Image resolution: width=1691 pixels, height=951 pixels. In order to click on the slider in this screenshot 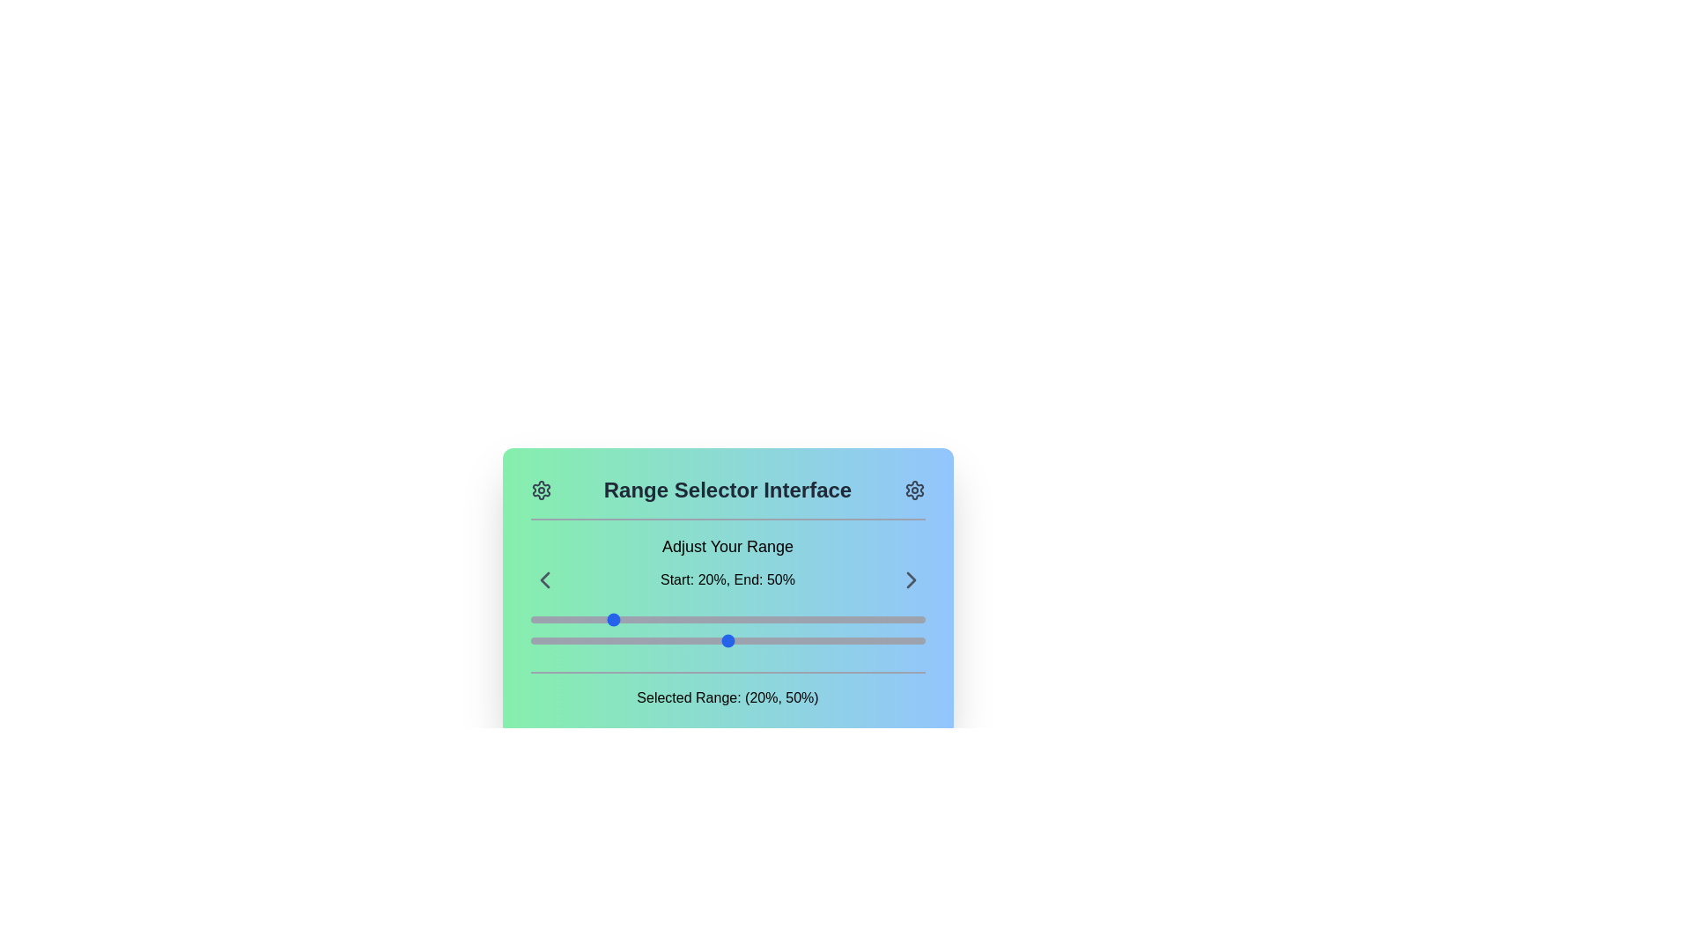, I will do `click(529, 619)`.